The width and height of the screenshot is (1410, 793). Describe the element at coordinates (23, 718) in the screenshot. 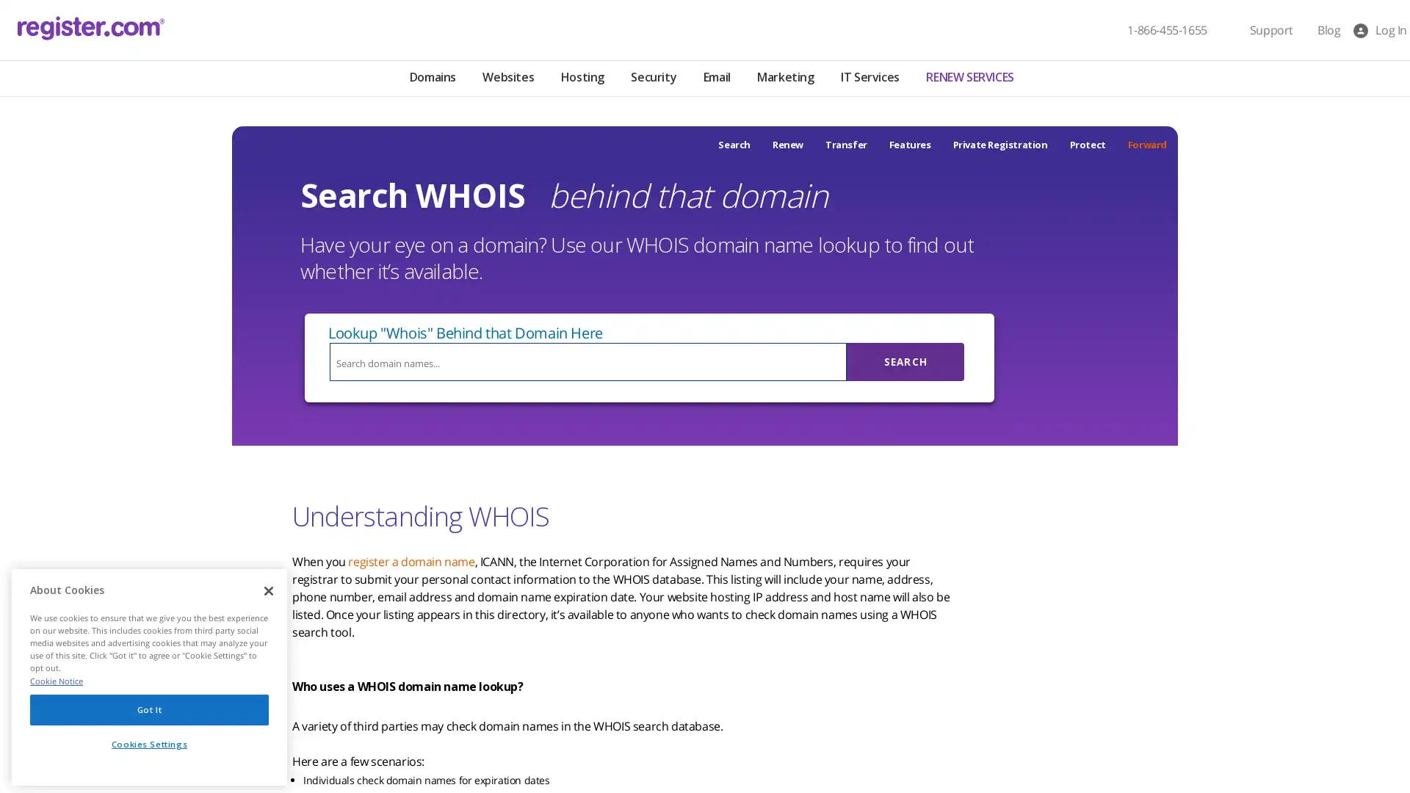

I see `Explore your accessibility options` at that location.